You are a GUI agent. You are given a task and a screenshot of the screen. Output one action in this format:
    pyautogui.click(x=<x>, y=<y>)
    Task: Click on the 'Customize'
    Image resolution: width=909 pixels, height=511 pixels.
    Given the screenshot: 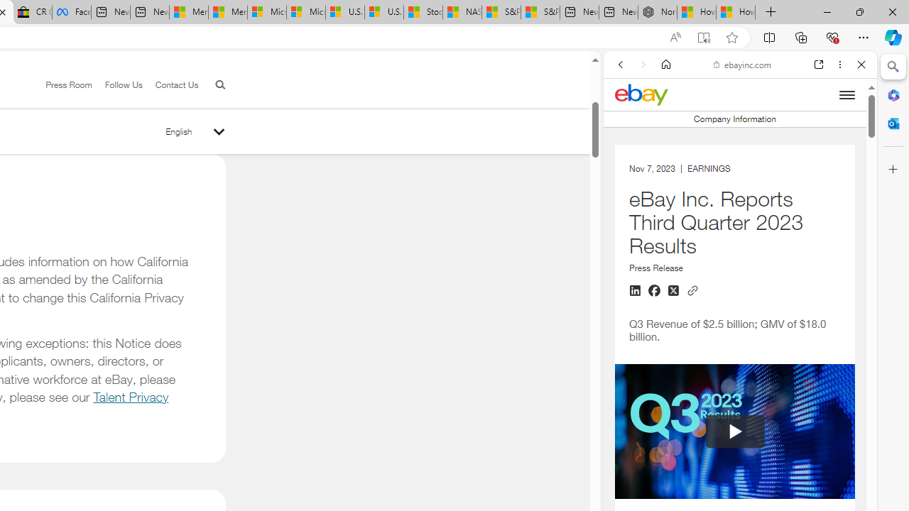 What is the action you would take?
    pyautogui.click(x=893, y=169)
    